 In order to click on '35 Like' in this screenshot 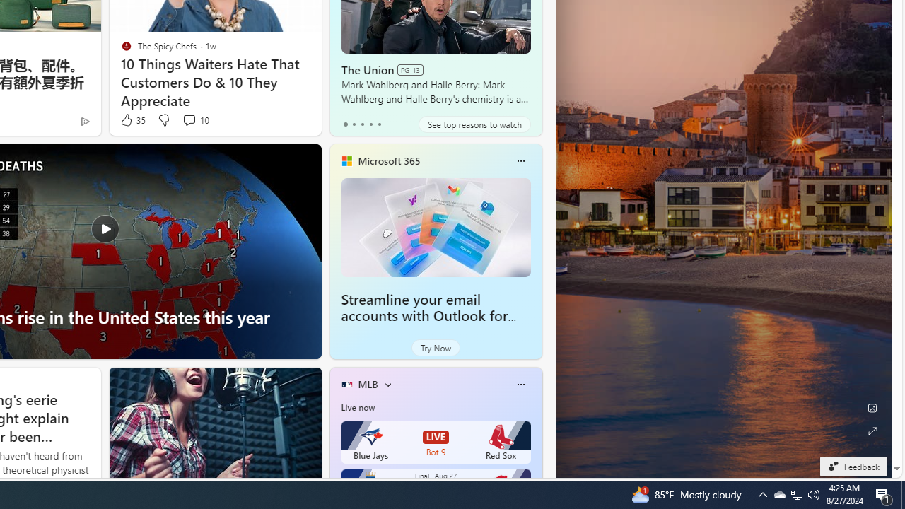, I will do `click(132, 119)`.